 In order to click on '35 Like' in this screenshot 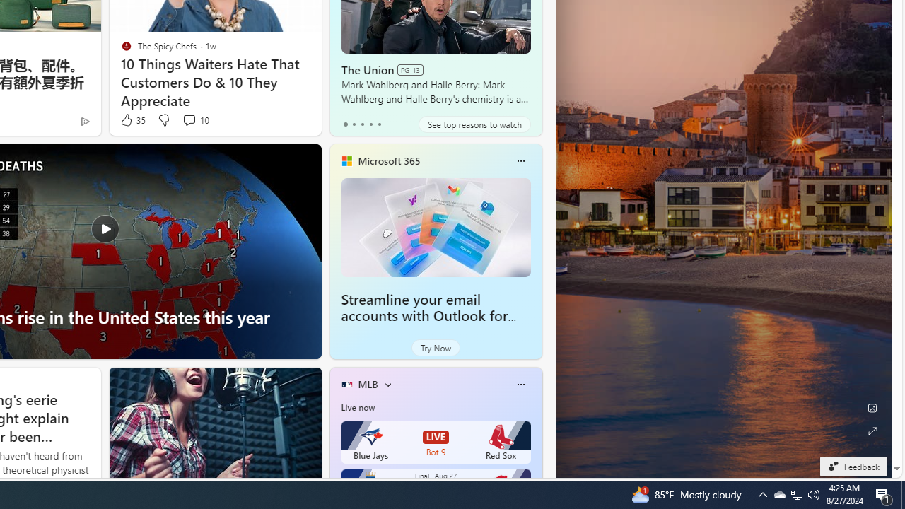, I will do `click(132, 119)`.